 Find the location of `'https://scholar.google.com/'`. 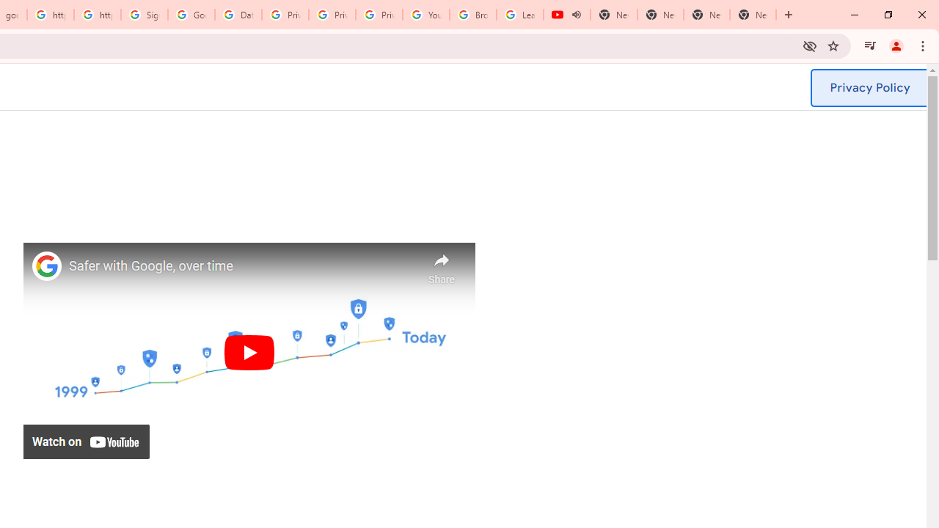

'https://scholar.google.com/' is located at coordinates (51, 15).